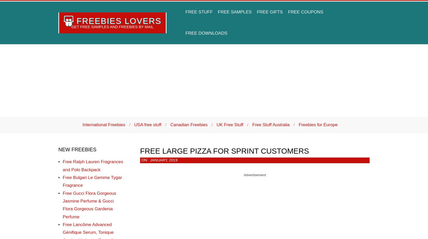  I want to click on 'Free Bulgari Le Gemme Tygar Fragrance', so click(92, 181).